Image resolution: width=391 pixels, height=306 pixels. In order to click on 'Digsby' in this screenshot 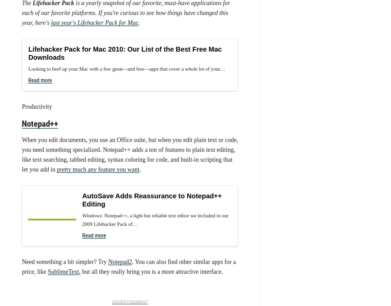, I will do `click(104, 287)`.